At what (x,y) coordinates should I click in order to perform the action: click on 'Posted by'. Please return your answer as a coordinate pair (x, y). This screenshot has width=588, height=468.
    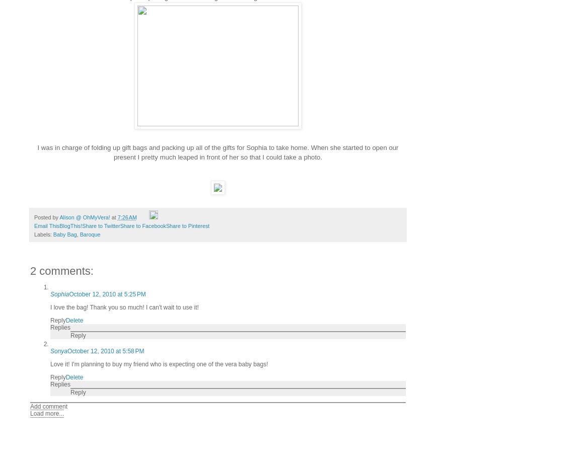
    Looking at the image, I should click on (46, 216).